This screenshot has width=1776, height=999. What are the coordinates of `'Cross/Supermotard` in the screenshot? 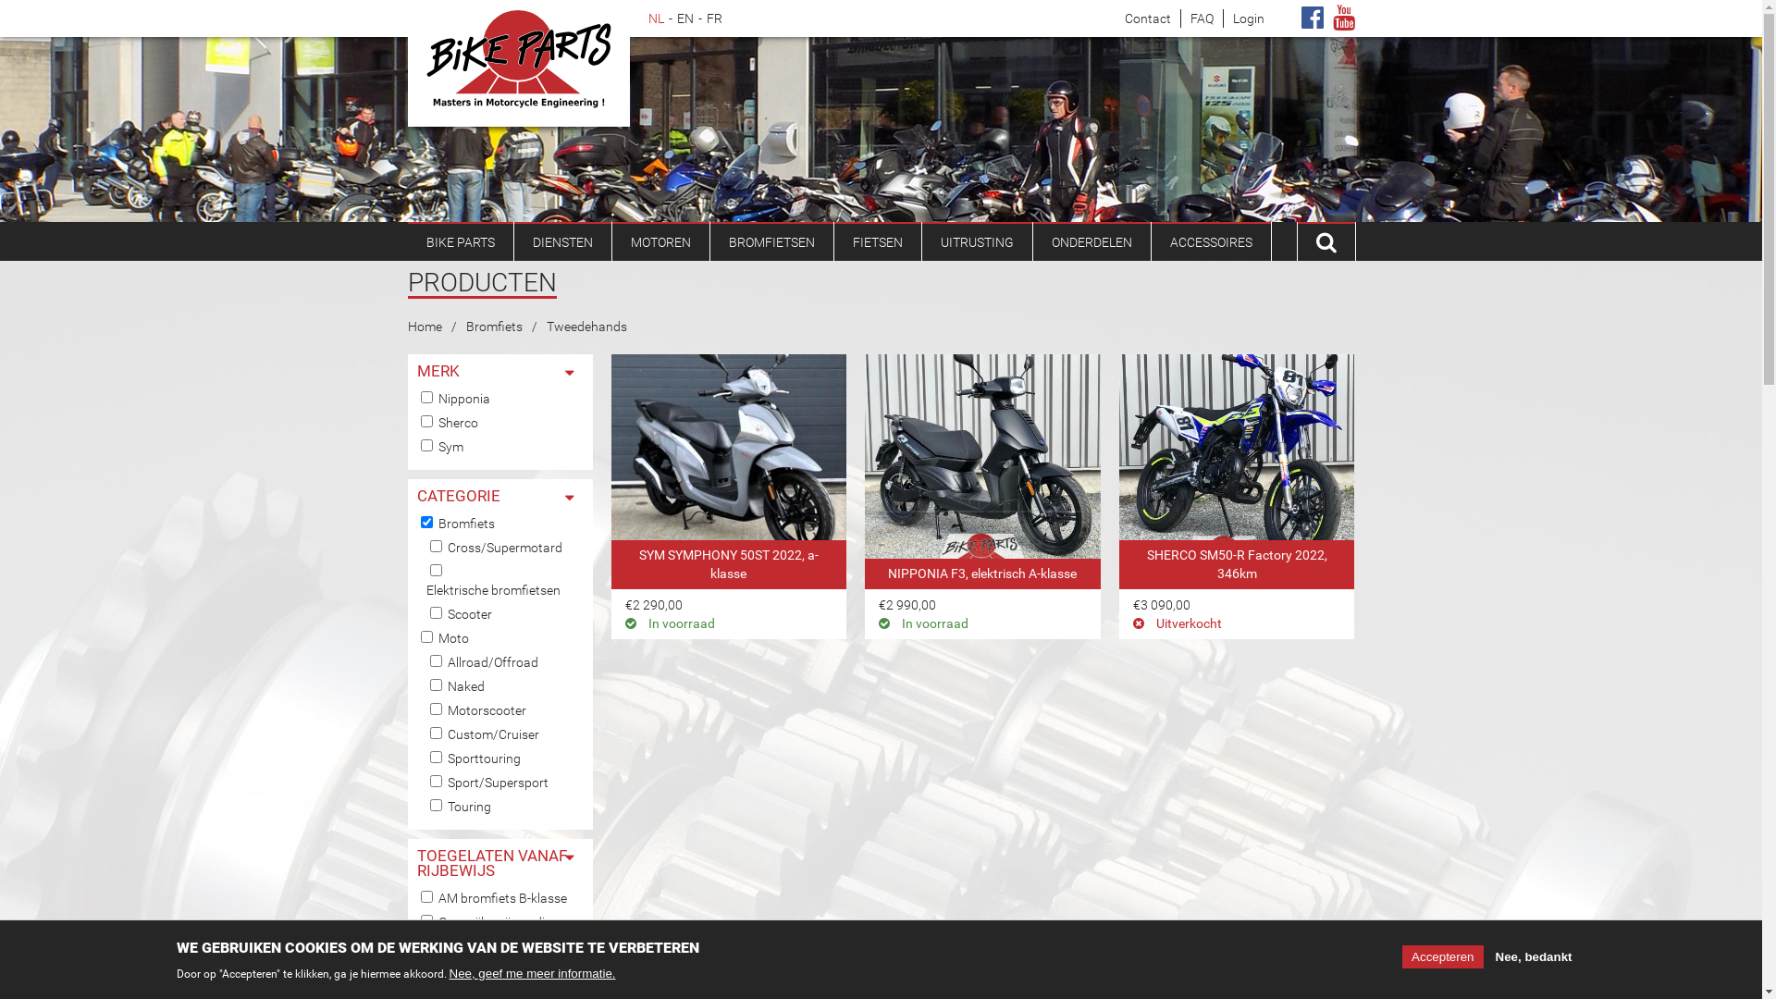 It's located at (505, 546).